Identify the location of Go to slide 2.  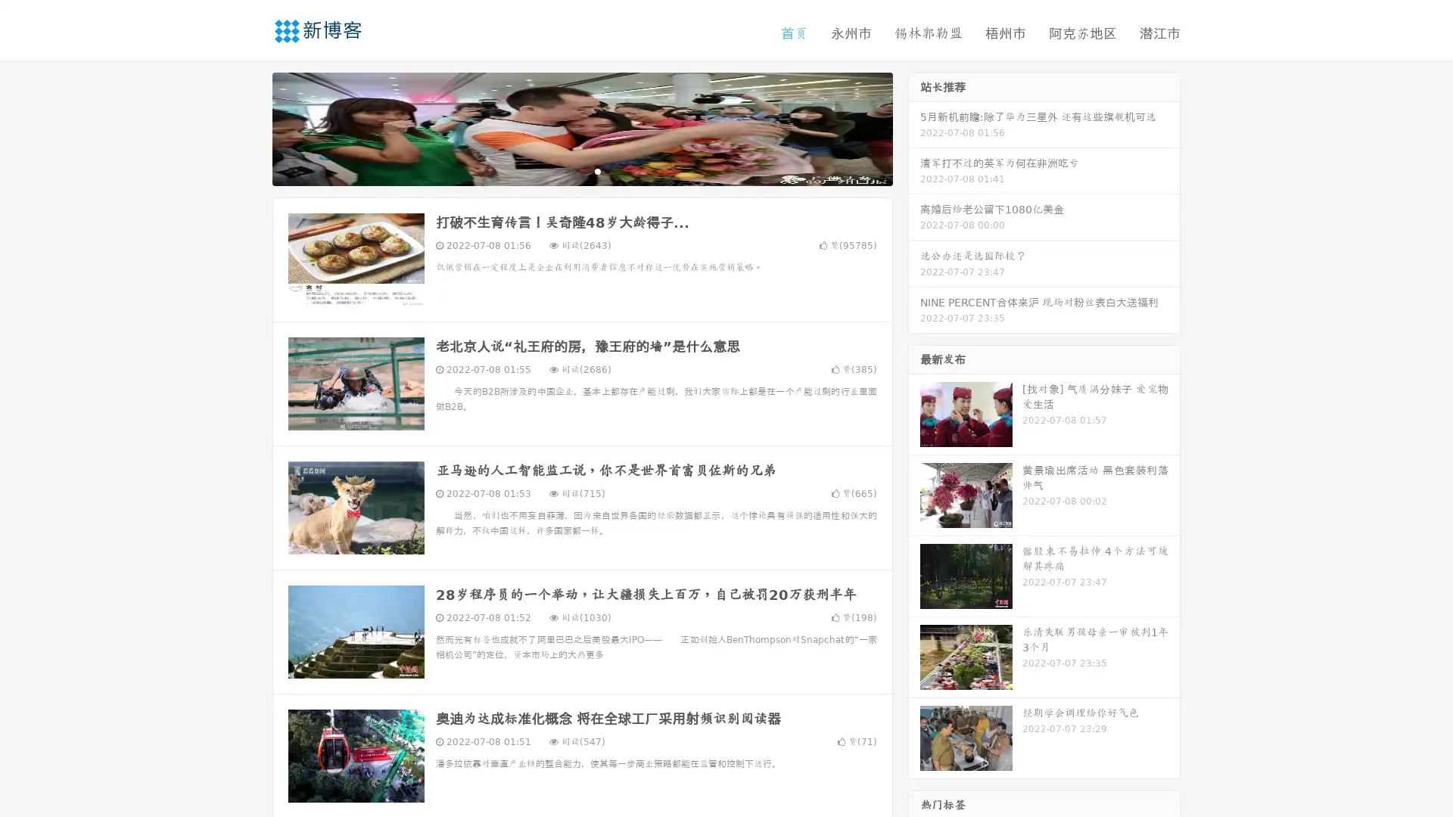
(581, 170).